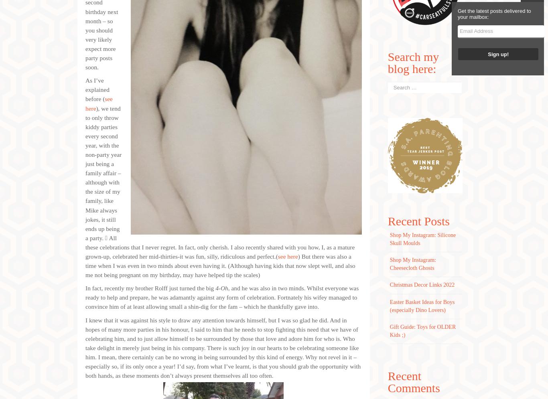 The height and width of the screenshot is (399, 548). Describe the element at coordinates (388, 63) in the screenshot. I see `'Search my blog here:'` at that location.